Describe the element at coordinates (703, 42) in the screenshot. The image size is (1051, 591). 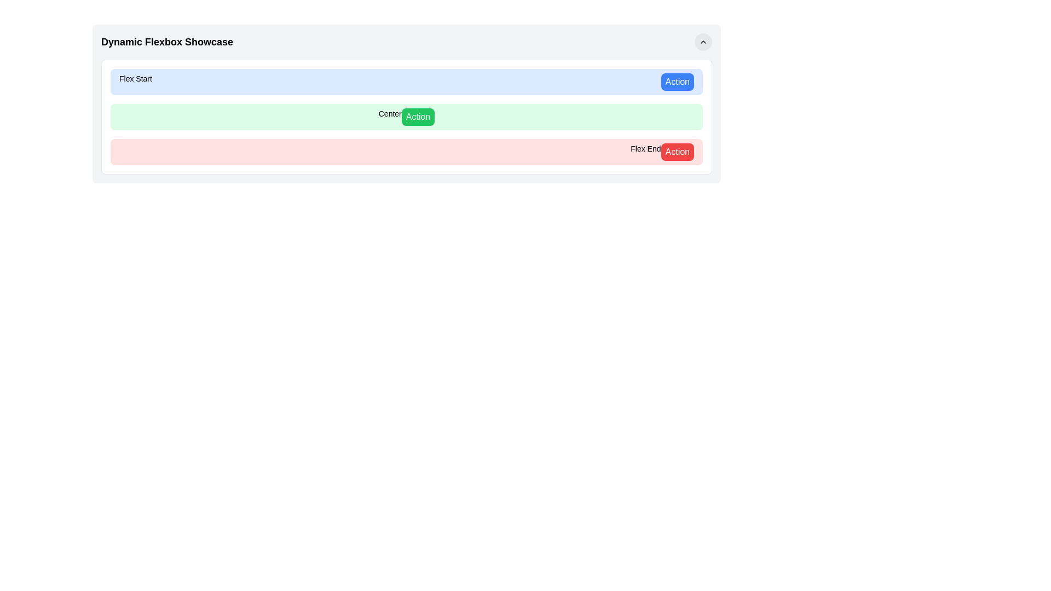
I see `the small, up-pointing chevron arrow icon located in the top-right corner of the application interface, which is part of a circular button with a subtle gray background` at that location.